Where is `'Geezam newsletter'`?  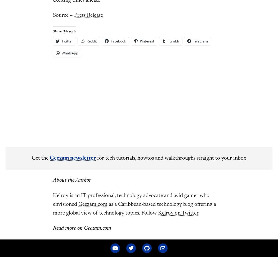
'Geezam newsletter' is located at coordinates (72, 158).